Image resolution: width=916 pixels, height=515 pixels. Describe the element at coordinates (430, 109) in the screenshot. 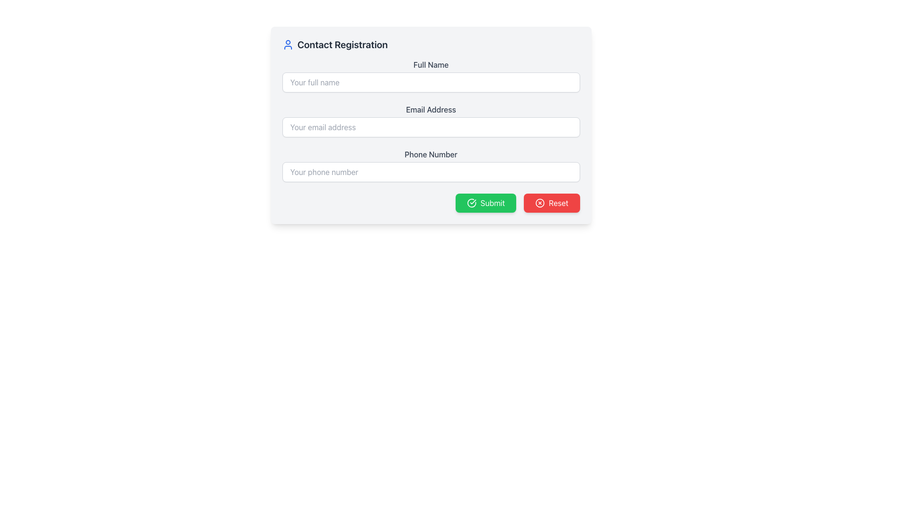

I see `the second label in the form, which serves as a context for the adjacent email address input field` at that location.